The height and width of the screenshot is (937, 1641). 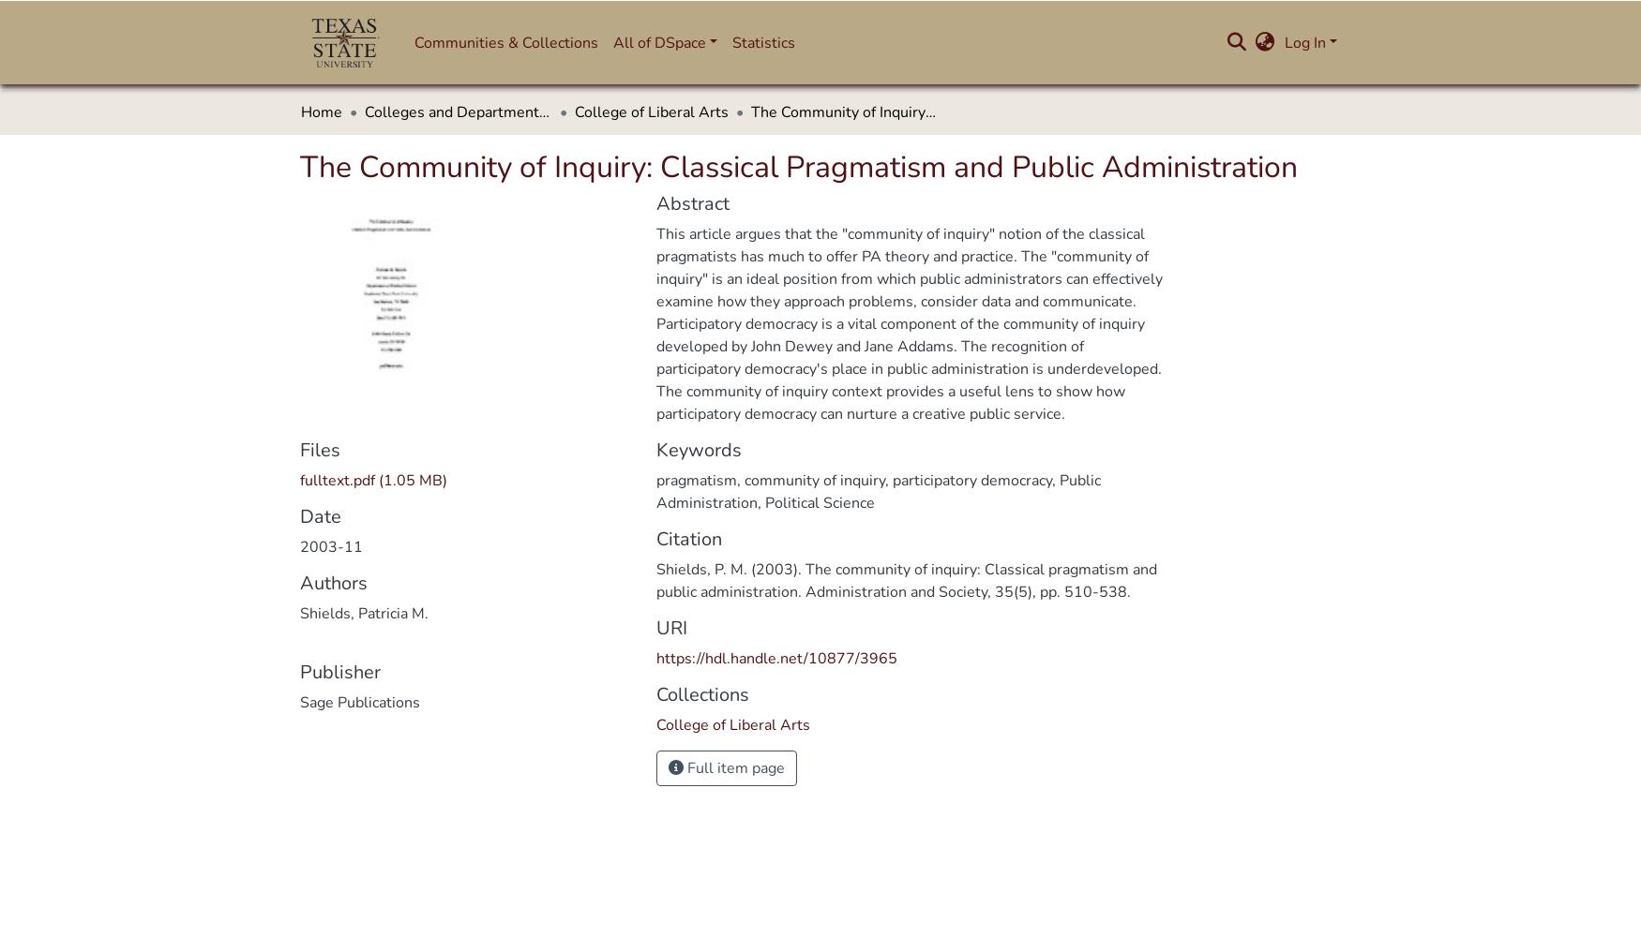 What do you see at coordinates (358, 703) in the screenshot?
I see `'Sage Publications'` at bounding box center [358, 703].